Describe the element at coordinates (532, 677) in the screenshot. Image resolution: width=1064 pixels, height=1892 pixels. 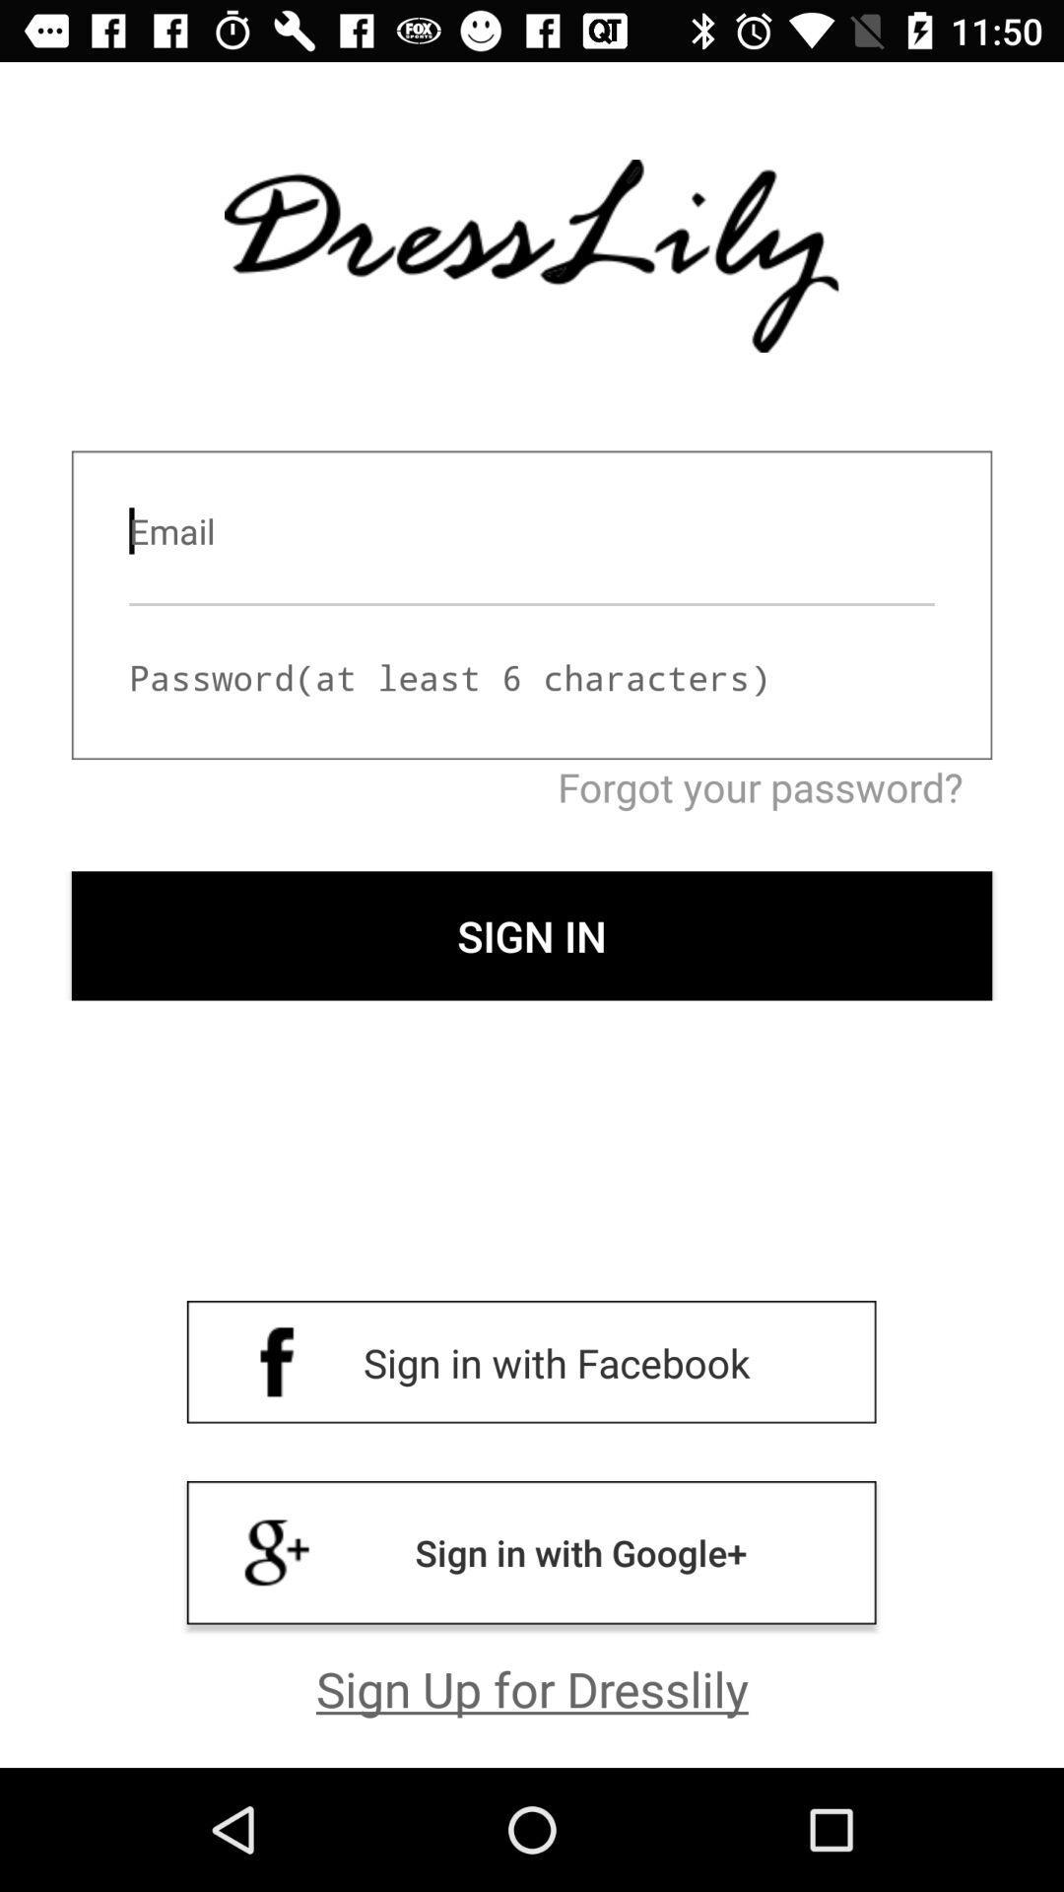
I see `type password` at that location.